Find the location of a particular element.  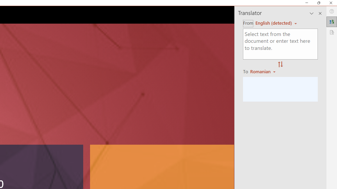

'Close pane' is located at coordinates (320, 13).